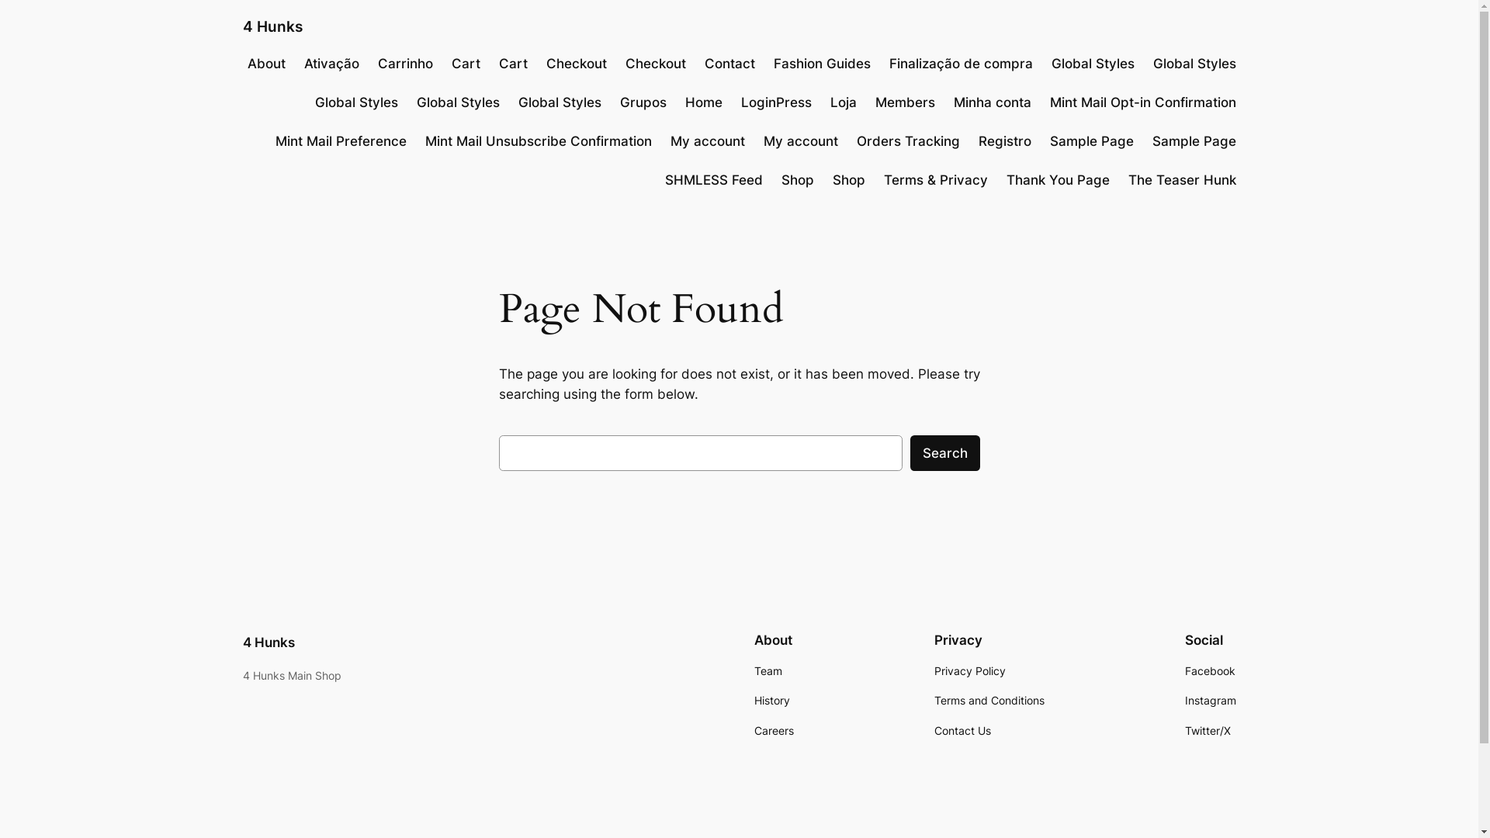 This screenshot has width=1490, height=838. I want to click on 'Global Styles', so click(1194, 62).